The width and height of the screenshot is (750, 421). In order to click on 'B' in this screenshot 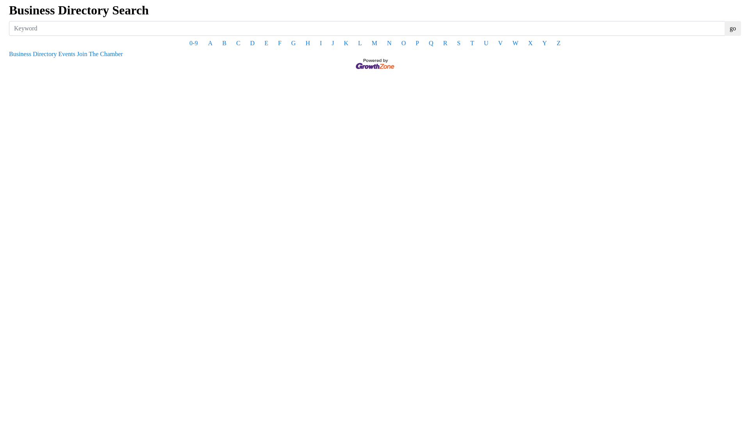, I will do `click(224, 43)`.